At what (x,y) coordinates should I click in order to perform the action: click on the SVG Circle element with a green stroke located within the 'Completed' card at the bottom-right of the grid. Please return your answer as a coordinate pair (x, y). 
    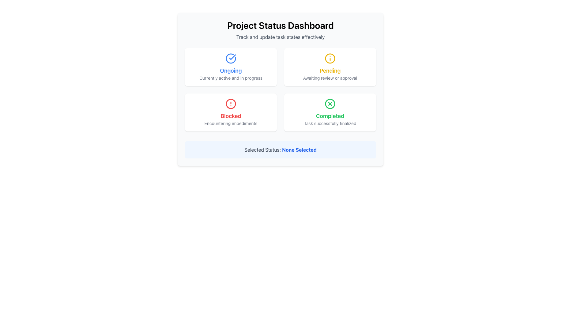
    Looking at the image, I should click on (330, 104).